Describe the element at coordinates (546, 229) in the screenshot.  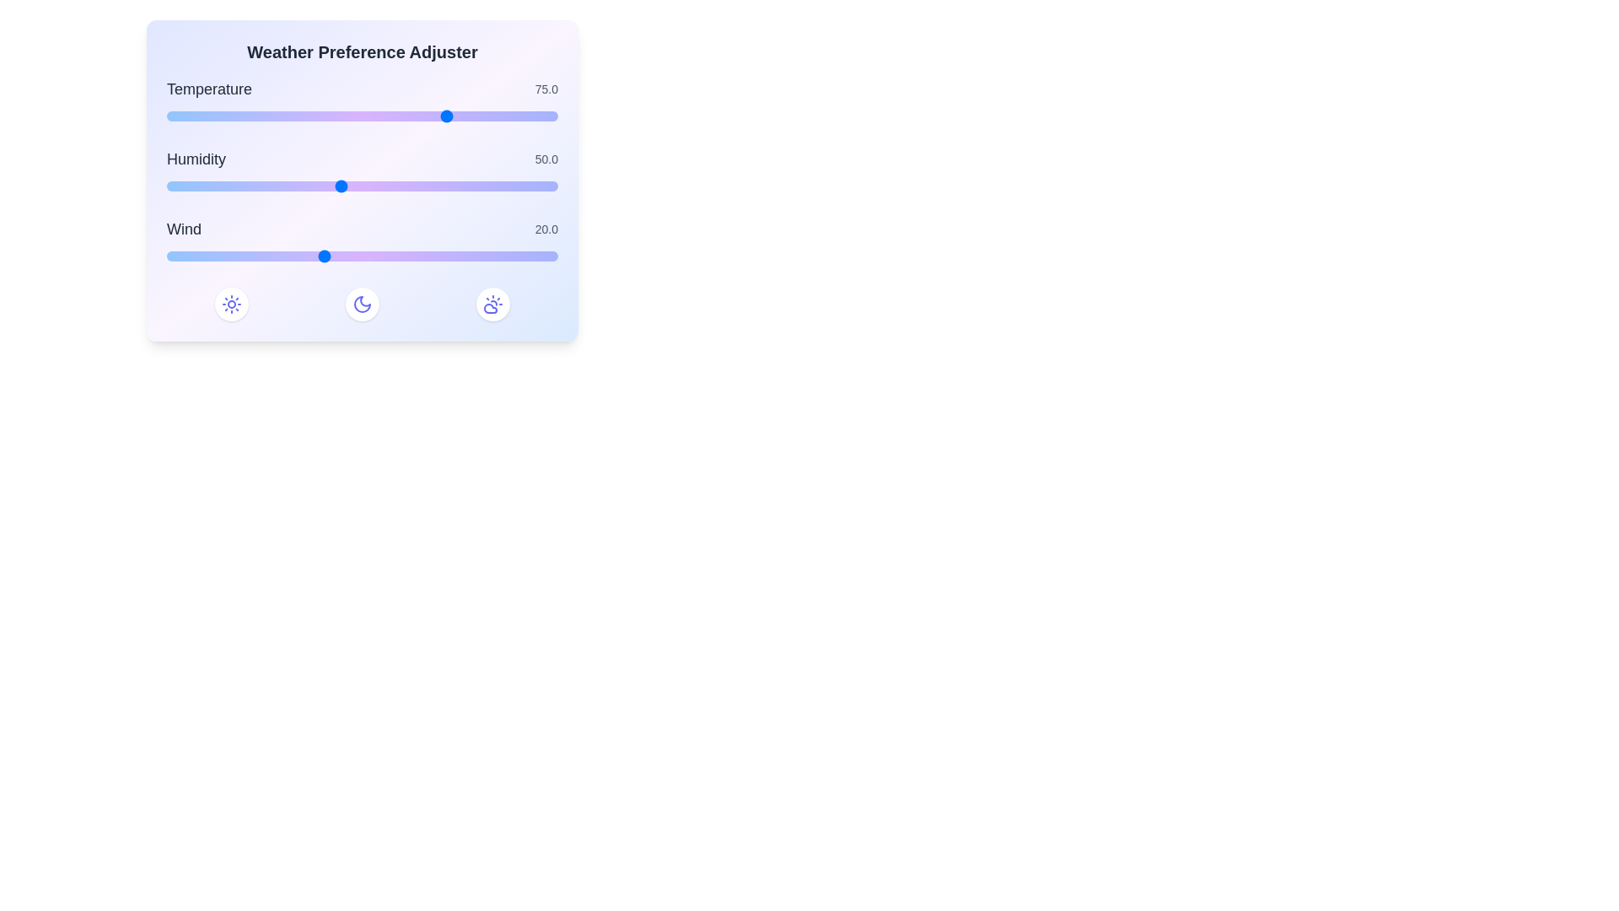
I see `the text label displaying the value '20.0', which is styled in a small gray font and positioned to the right of the label 'Wind'` at that location.